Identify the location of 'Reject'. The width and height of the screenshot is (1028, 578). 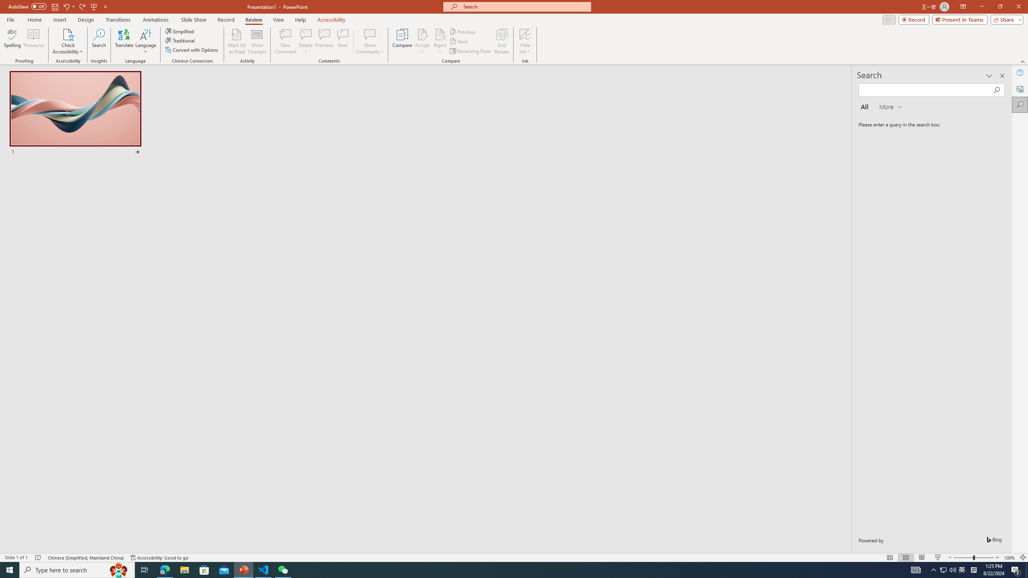
(439, 41).